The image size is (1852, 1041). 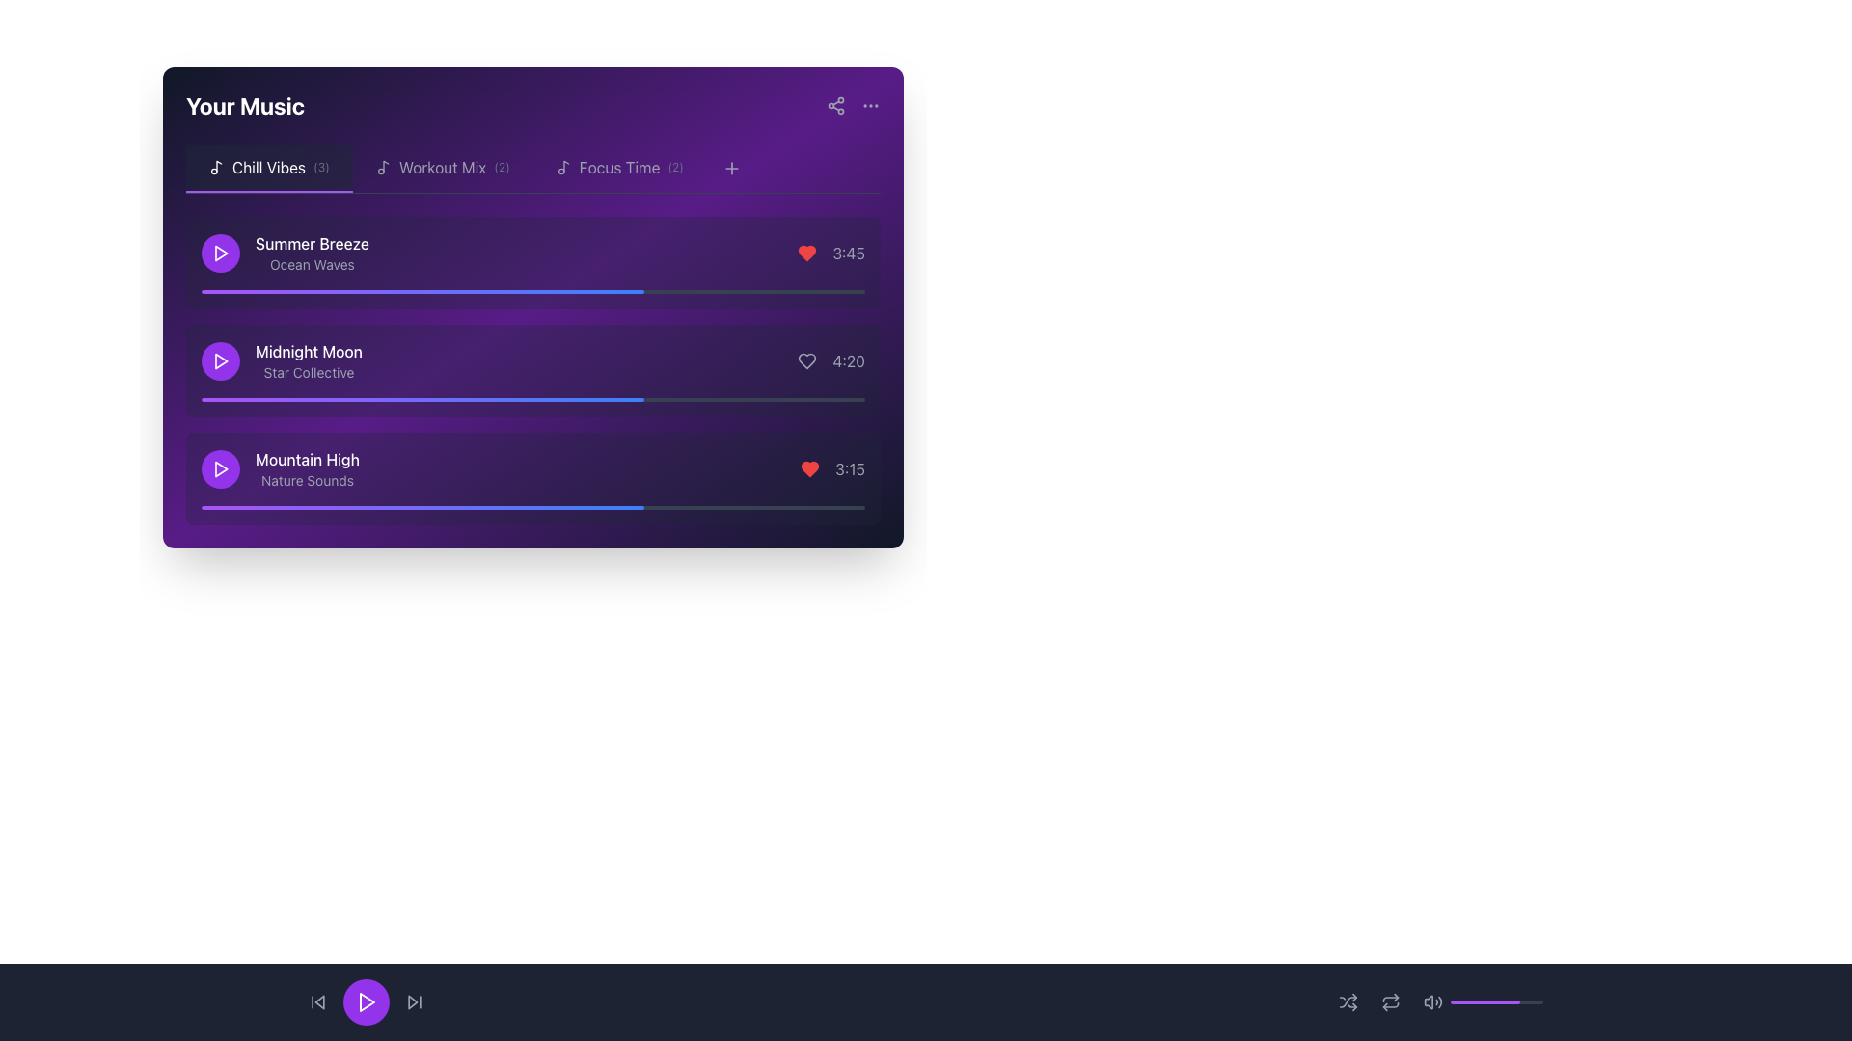 I want to click on the button to play the song titled 'Summer Breeze' with the subtitle 'Ocean Waves', which is the first element in the list item and located to the left of the text content, so click(x=221, y=252).